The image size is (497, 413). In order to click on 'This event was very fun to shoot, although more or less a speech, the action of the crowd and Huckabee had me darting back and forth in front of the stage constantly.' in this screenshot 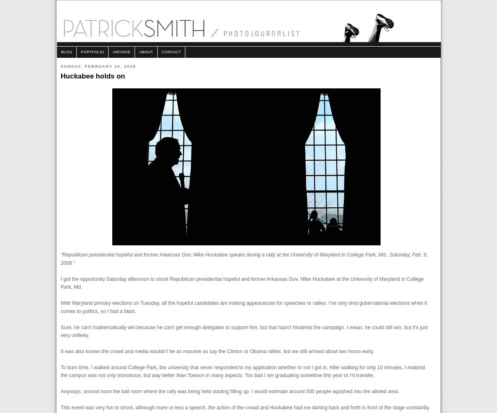, I will do `click(245, 407)`.